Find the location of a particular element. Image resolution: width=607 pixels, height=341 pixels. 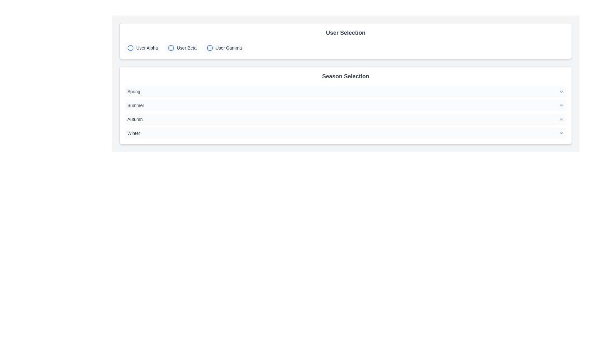

the text element titled 'Season Selection', which is styled in a bold, large font and dark gray color, positioned centrally above the list of seasonal options is located at coordinates (345, 76).